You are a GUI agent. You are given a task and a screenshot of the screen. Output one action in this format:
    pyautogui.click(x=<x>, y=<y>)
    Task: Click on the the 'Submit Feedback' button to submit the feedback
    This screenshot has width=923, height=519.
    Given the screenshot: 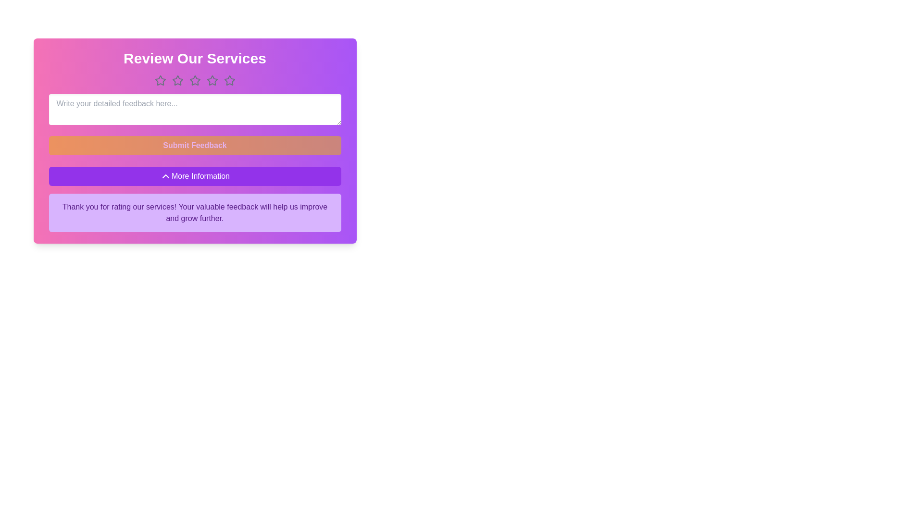 What is the action you would take?
    pyautogui.click(x=194, y=146)
    